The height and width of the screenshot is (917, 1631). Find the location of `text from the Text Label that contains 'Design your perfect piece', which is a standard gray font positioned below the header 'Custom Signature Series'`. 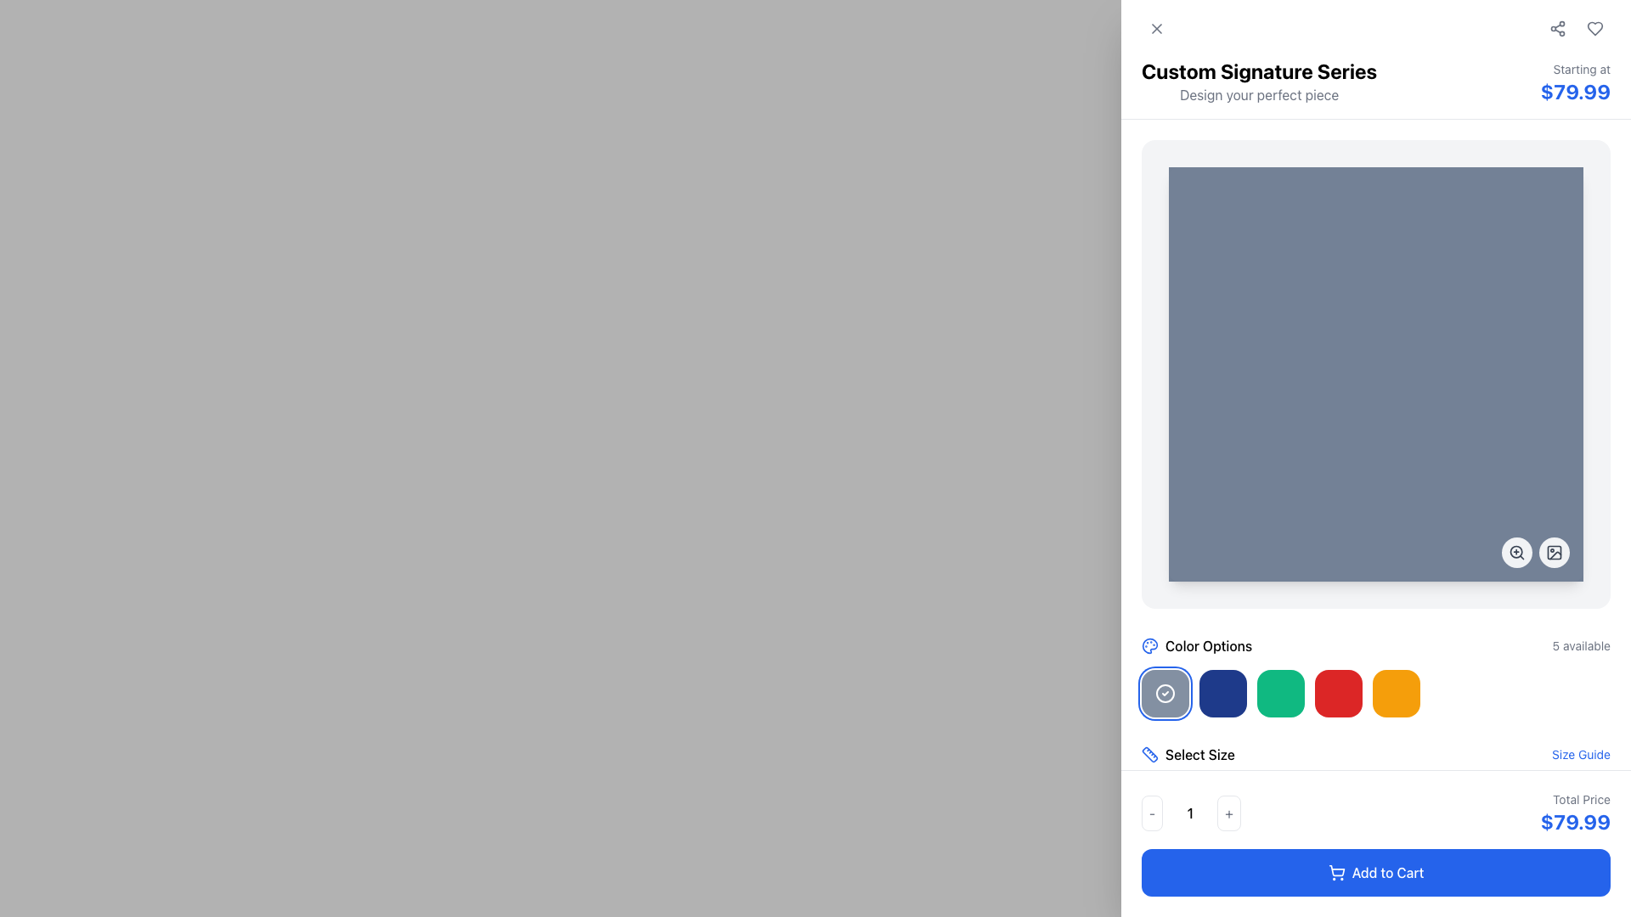

text from the Text Label that contains 'Design your perfect piece', which is a standard gray font positioned below the header 'Custom Signature Series' is located at coordinates (1259, 94).